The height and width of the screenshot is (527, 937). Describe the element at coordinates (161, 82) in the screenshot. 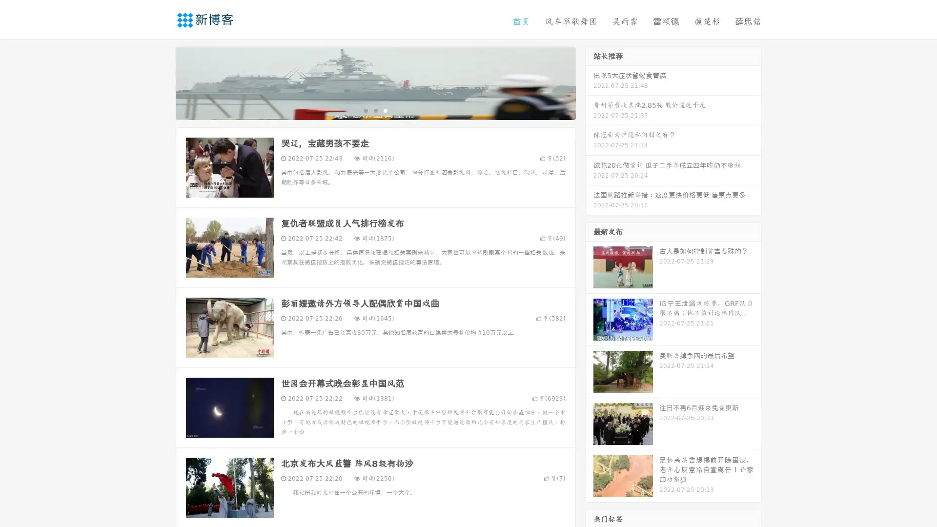

I see `Previous slide` at that location.